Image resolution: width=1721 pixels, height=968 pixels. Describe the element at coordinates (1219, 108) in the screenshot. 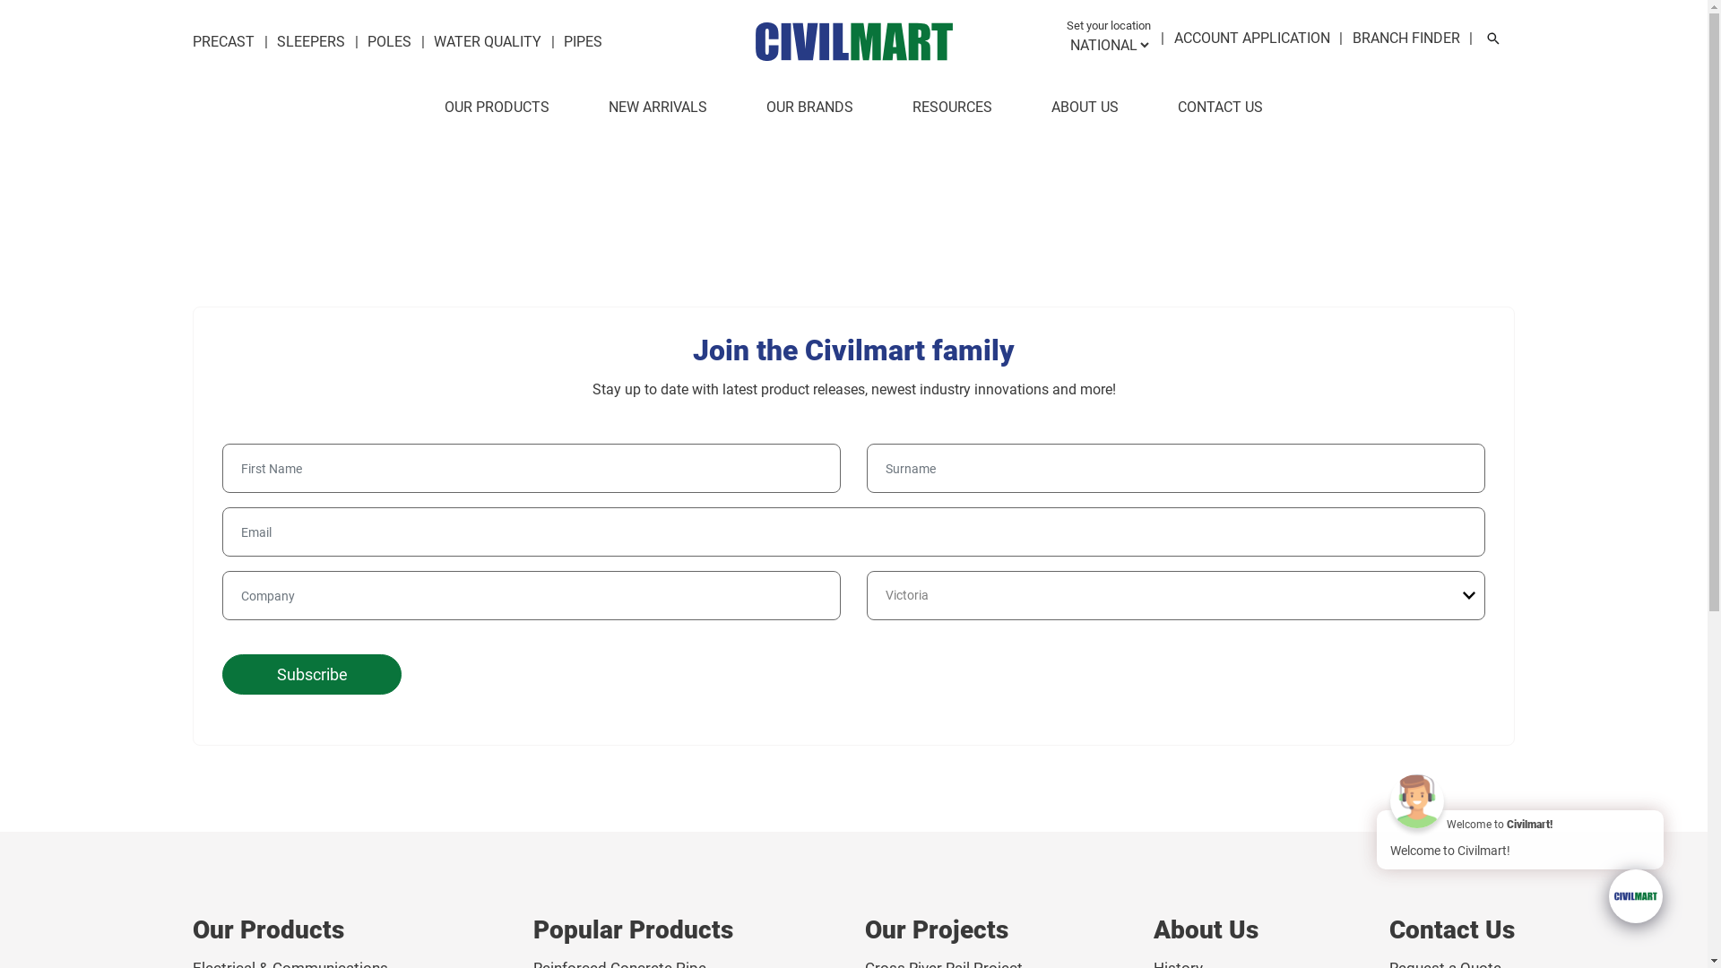

I see `'CONTACT US'` at that location.